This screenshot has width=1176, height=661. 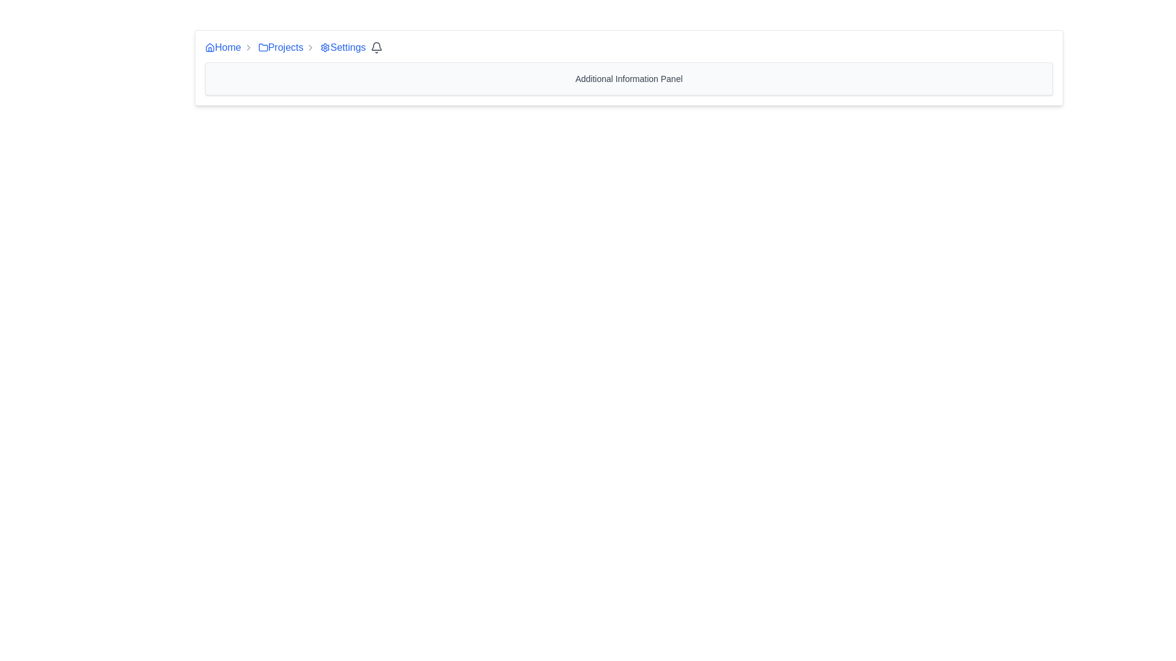 I want to click on the rightward chevron icon used for navigation, which is styled in gray and is part of a breadcrumb navigation component, so click(x=247, y=47).